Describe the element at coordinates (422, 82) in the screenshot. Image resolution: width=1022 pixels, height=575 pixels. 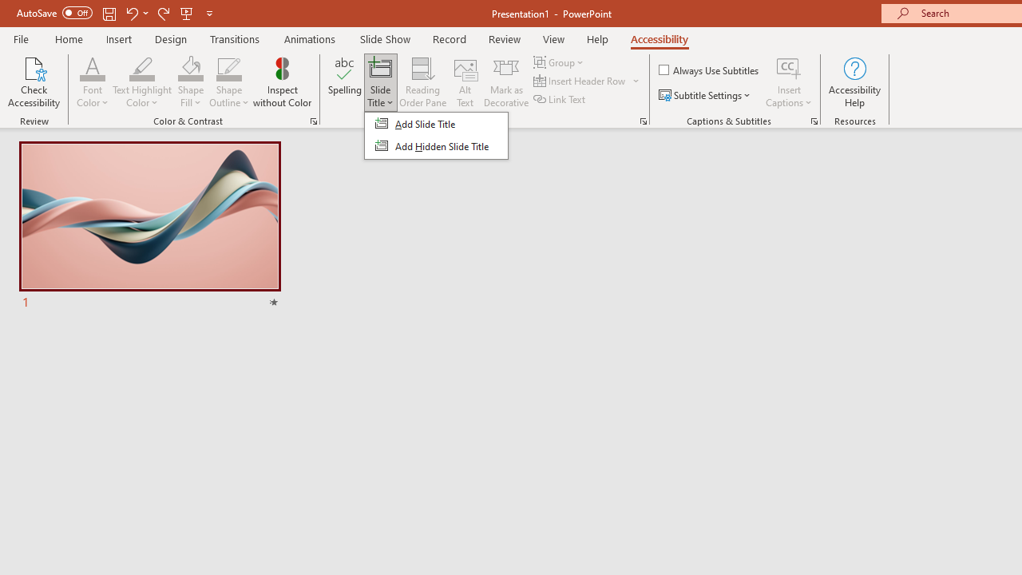
I see `'Reading Order Pane'` at that location.